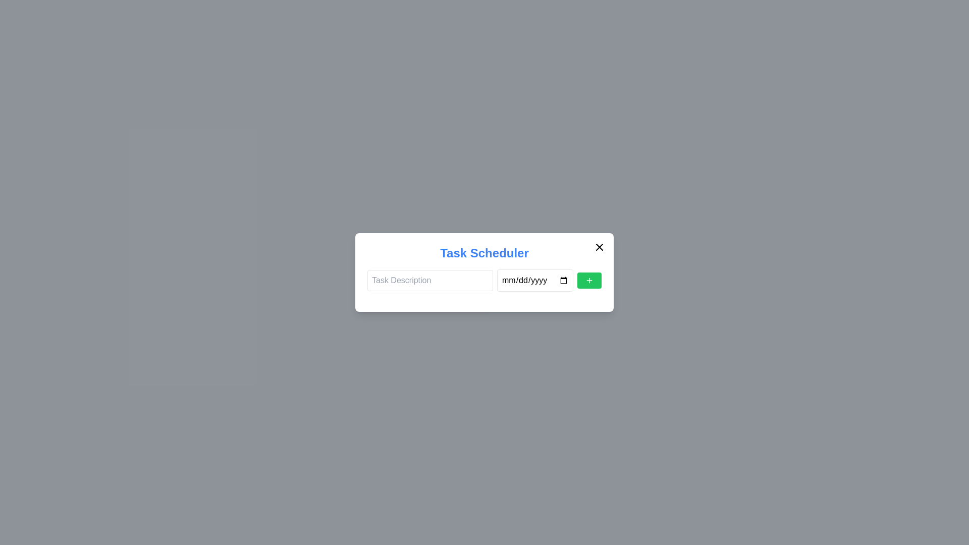 This screenshot has height=545, width=969. What do you see at coordinates (589, 280) in the screenshot?
I see `the green circular Icon button with a white plus symbol located in the bottom right corner of the 'Task Scheduler' modal` at bounding box center [589, 280].